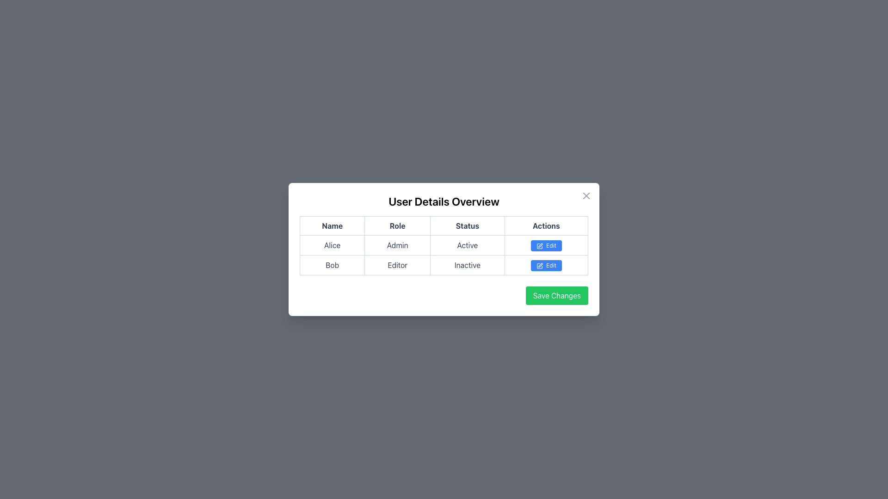 Image resolution: width=888 pixels, height=499 pixels. I want to click on Static Text element that serves as a heading for the user detail summary section, located at the center of the section above the table headers, so click(444, 201).